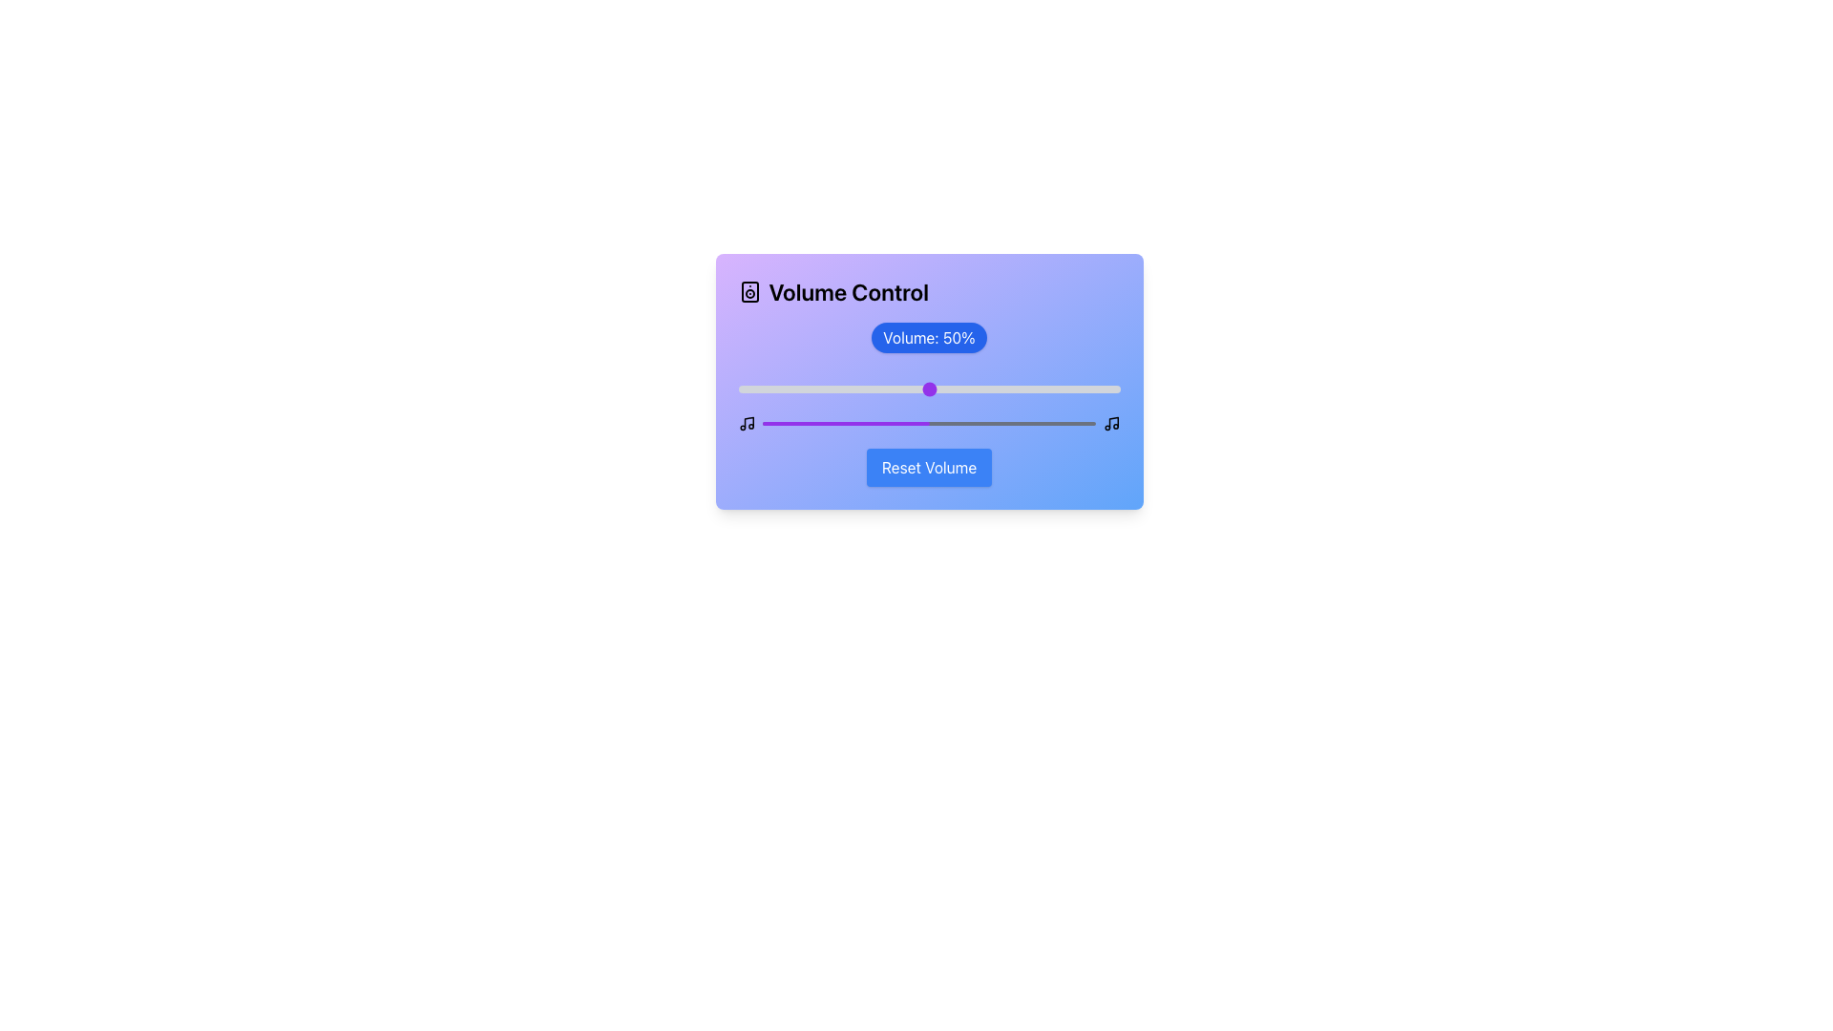  What do you see at coordinates (1097, 389) in the screenshot?
I see `the volume slider` at bounding box center [1097, 389].